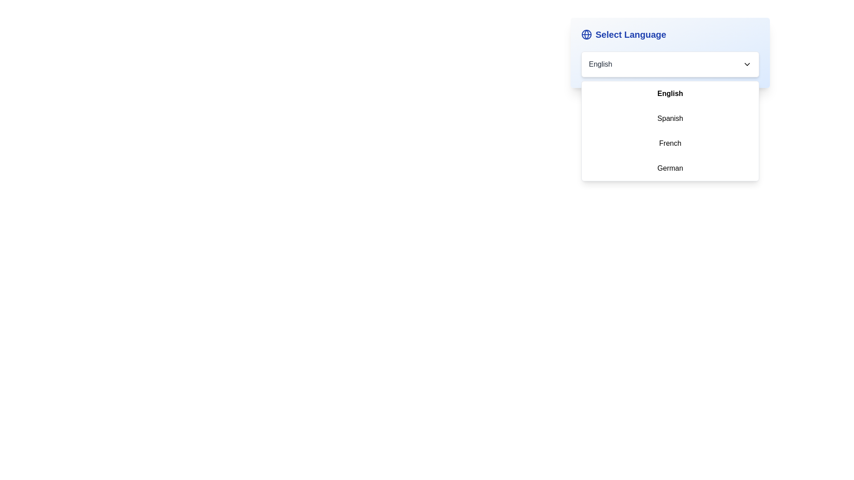 The width and height of the screenshot is (854, 480). What do you see at coordinates (670, 168) in the screenshot?
I see `the language German from the dropdown` at bounding box center [670, 168].